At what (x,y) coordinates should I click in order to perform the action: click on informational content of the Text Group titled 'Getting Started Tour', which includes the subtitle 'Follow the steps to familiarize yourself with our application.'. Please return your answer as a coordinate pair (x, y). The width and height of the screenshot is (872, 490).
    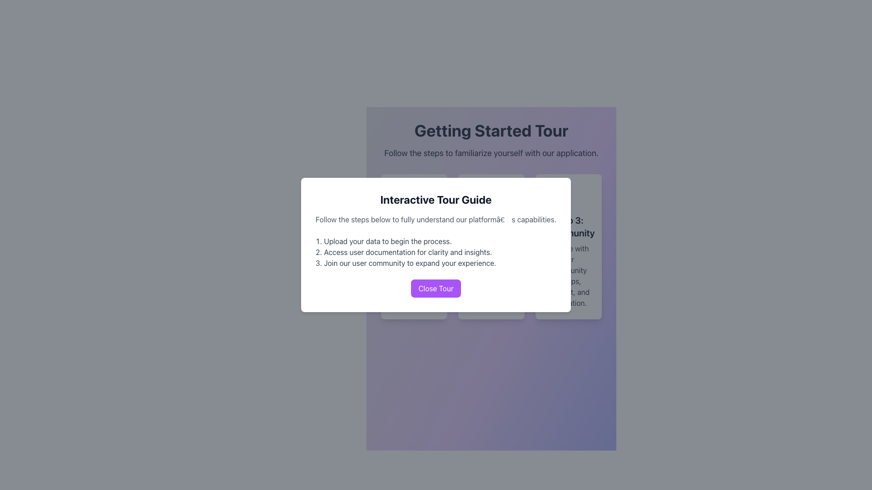
    Looking at the image, I should click on (490, 140).